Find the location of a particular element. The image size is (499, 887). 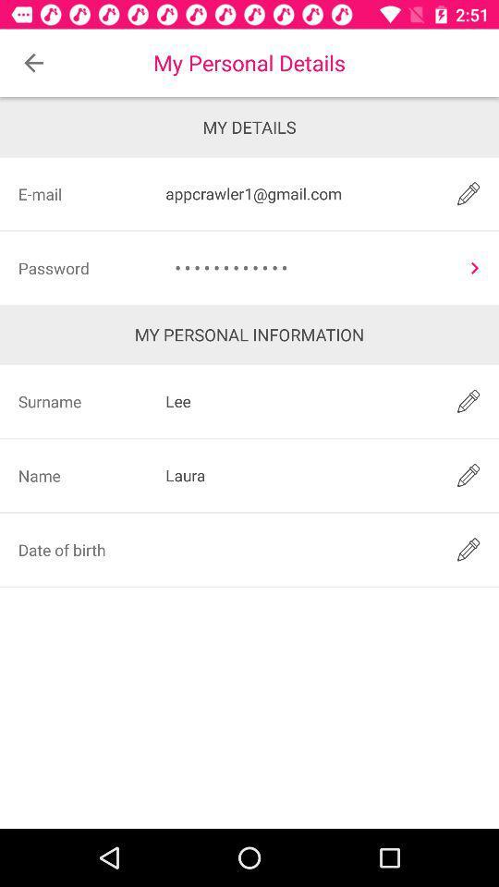

item to the right of the e-mail is located at coordinates (298, 193).